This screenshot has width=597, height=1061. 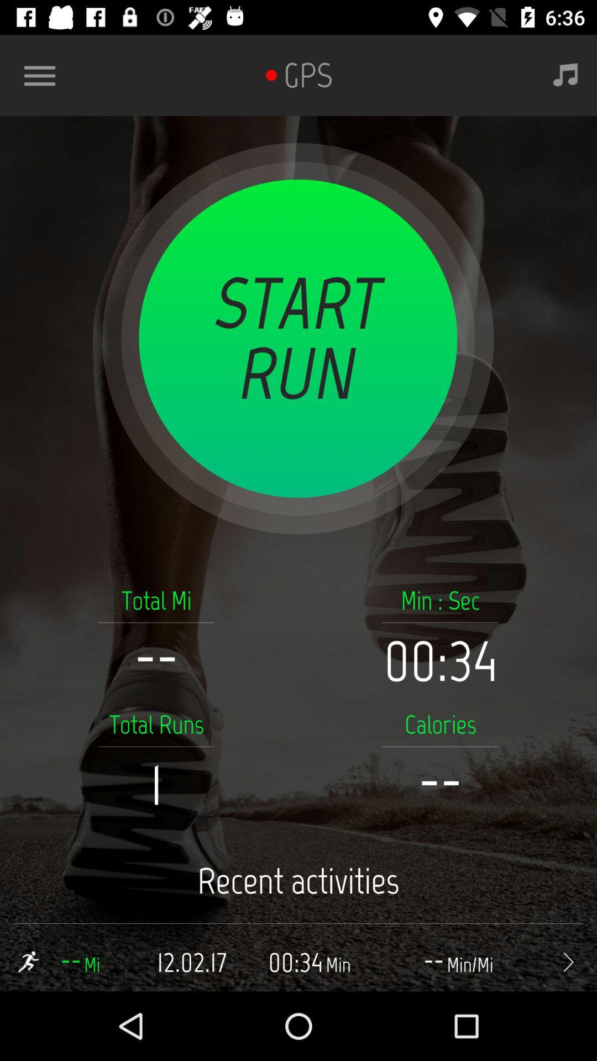 What do you see at coordinates (44, 75) in the screenshot?
I see `settings` at bounding box center [44, 75].